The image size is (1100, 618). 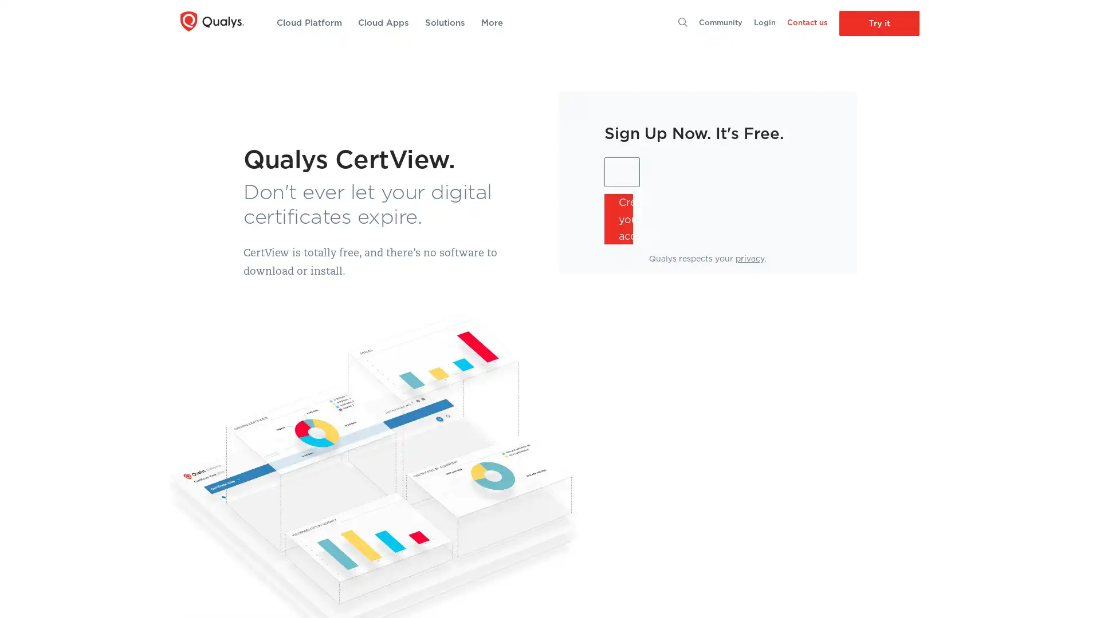 What do you see at coordinates (618, 219) in the screenshot?
I see `Create your account` at bounding box center [618, 219].